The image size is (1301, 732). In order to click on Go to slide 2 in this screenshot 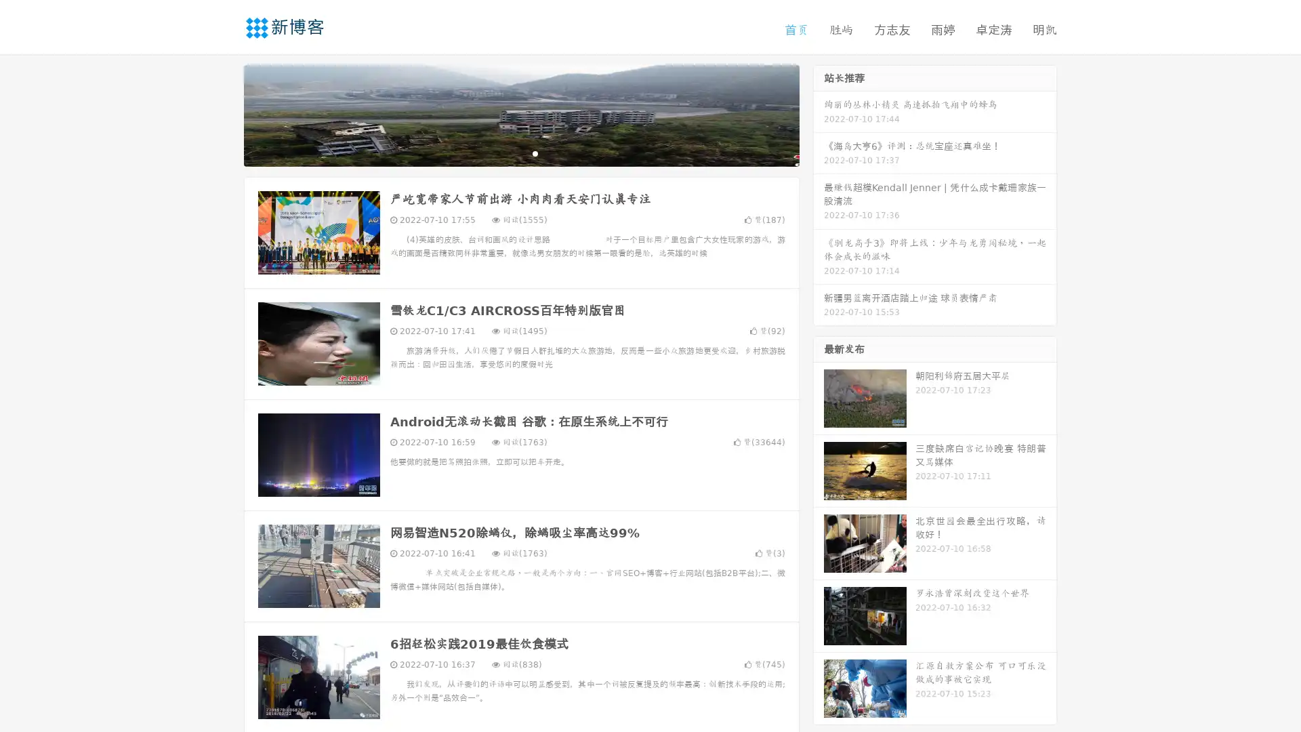, I will do `click(520, 152)`.